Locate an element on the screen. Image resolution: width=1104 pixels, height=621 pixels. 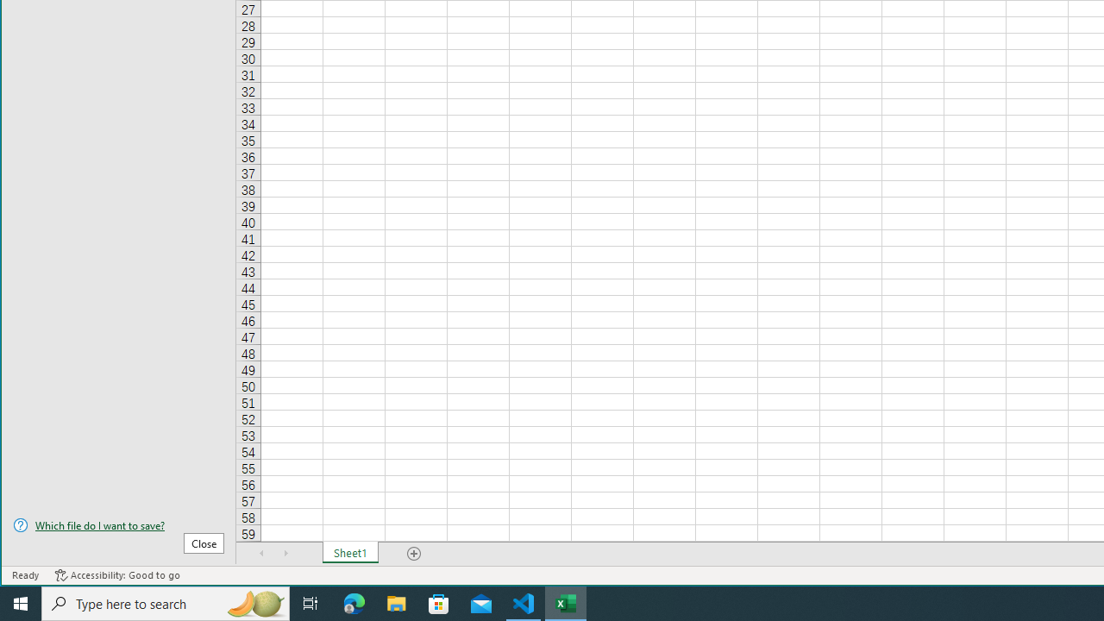
'Scroll Left' is located at coordinates (261, 553).